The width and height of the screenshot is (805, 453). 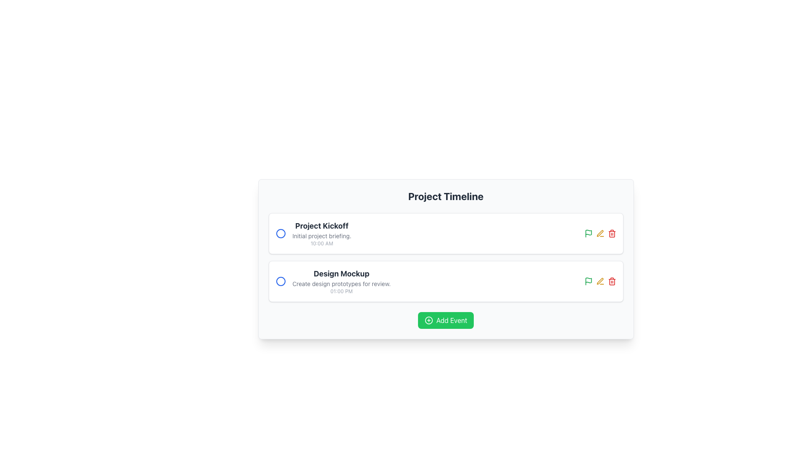 What do you see at coordinates (588, 233) in the screenshot?
I see `the green flag-shaped icon in the action icon row for the 'Design Mockup' event in the timeline interface` at bounding box center [588, 233].